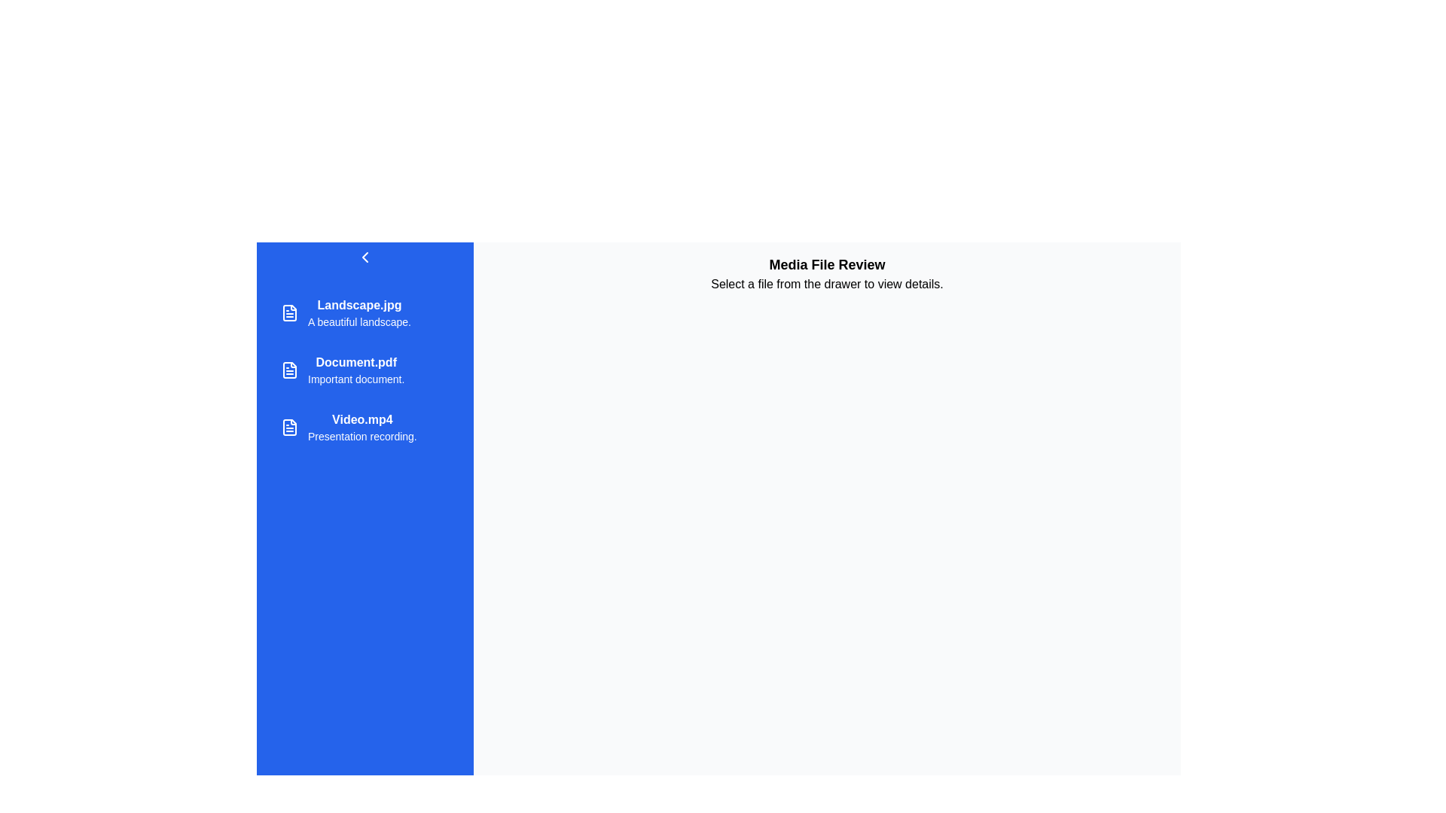 The height and width of the screenshot is (813, 1446). What do you see at coordinates (365, 312) in the screenshot?
I see `to select the file entry for 'Landscape.jpg', which is the first item in the vertical list of file items on the left sidebar` at bounding box center [365, 312].